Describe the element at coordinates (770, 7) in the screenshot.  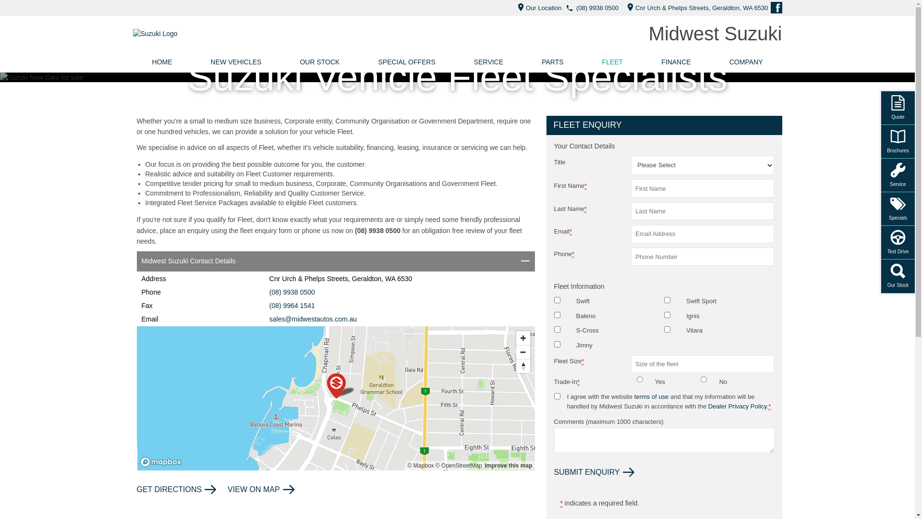
I see `'Facebook'` at that location.